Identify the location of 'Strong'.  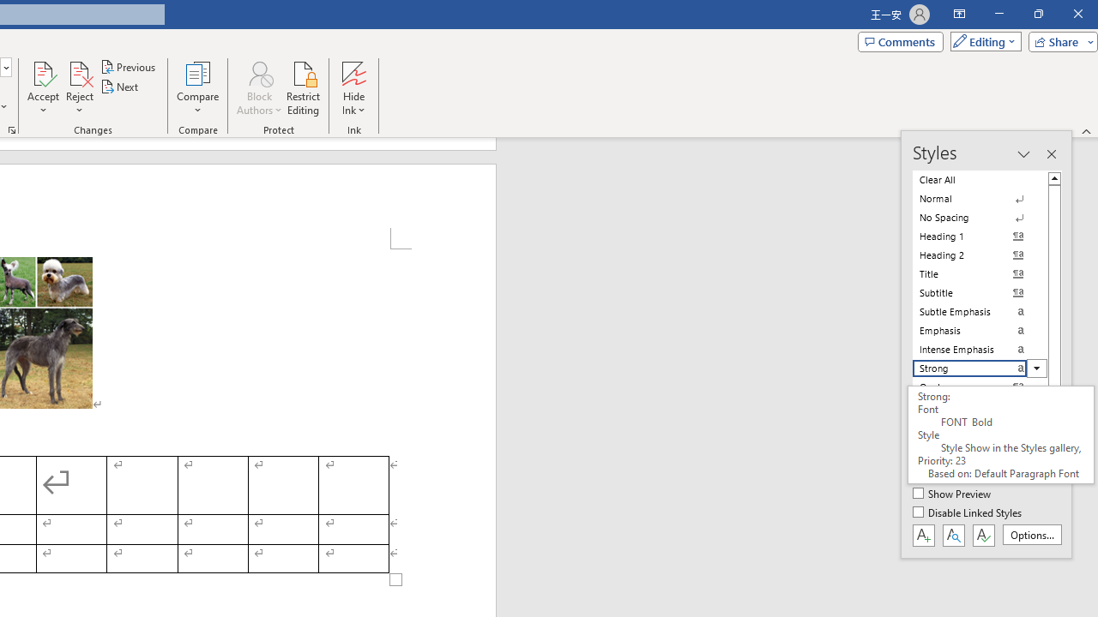
(980, 367).